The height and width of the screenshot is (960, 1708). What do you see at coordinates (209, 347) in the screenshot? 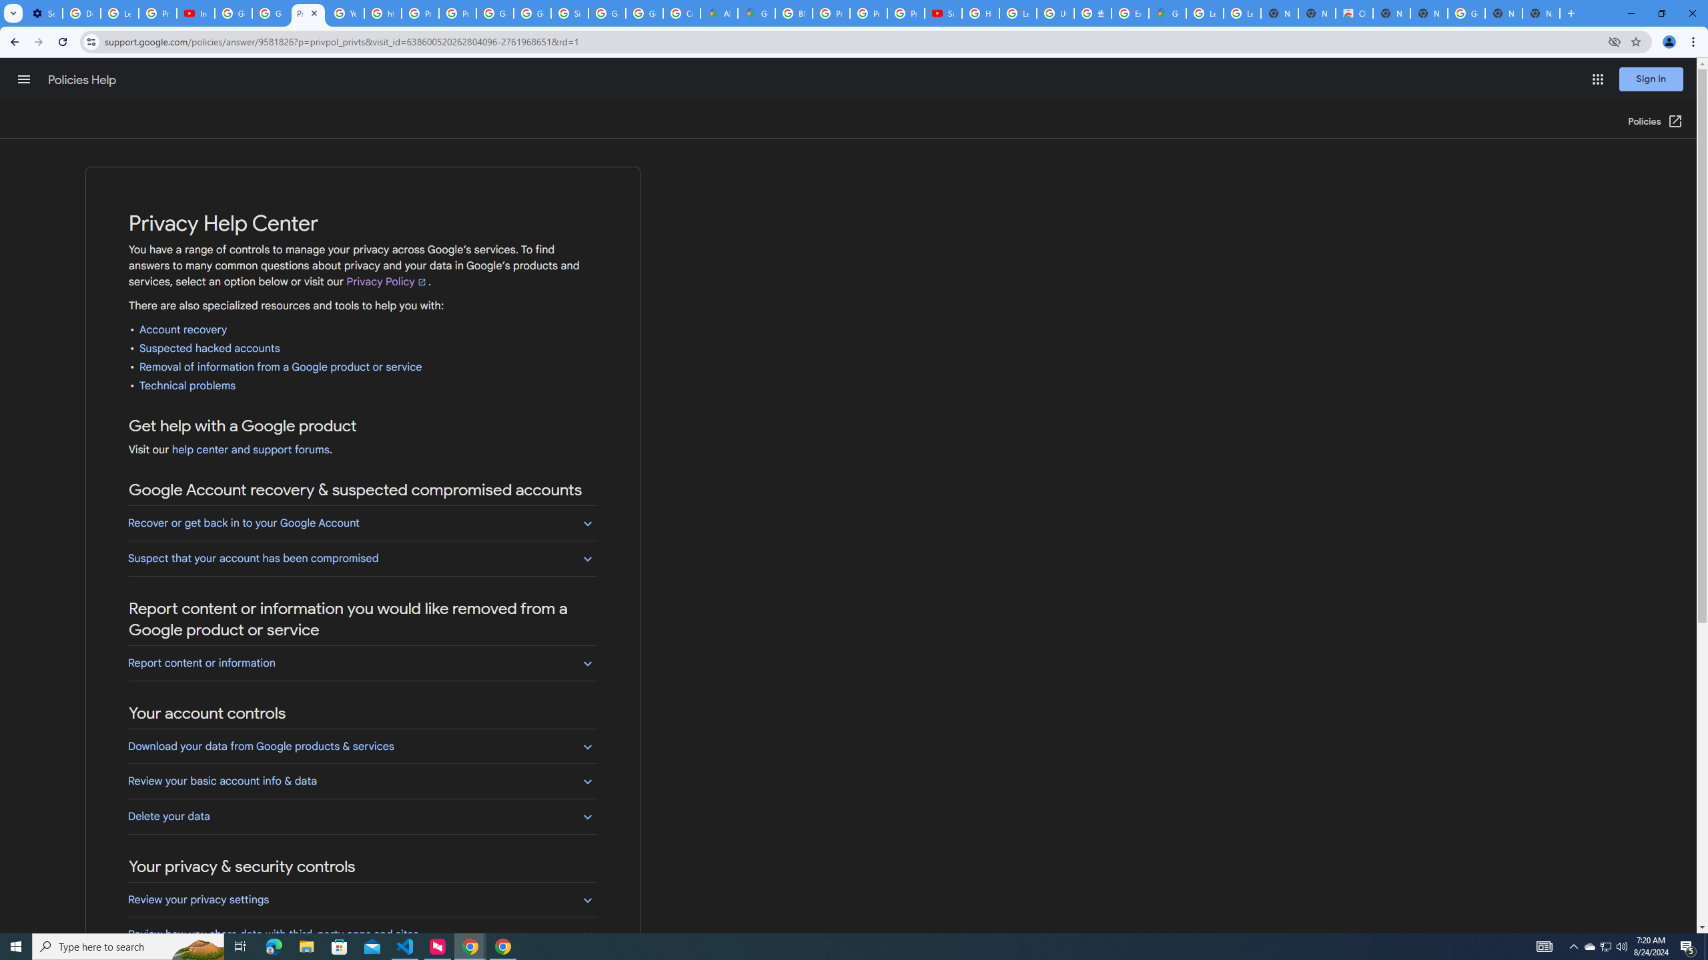
I see `'Suspected hacked accounts'` at bounding box center [209, 347].